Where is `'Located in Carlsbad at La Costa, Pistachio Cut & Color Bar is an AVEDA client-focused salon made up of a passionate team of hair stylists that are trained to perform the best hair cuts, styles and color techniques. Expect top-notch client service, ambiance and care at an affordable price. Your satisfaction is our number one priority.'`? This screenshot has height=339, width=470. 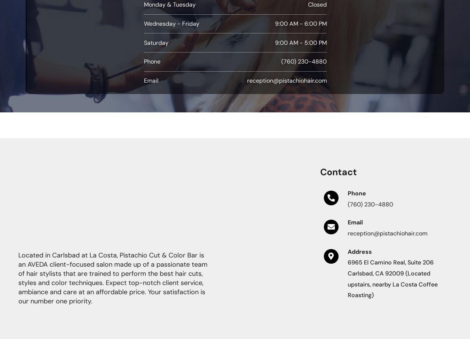 'Located in Carlsbad at La Costa, Pistachio Cut & Color Bar is an AVEDA client-focused salon made up of a passionate team of hair stylists that are trained to perform the best hair cuts, styles and color techniques. Expect top-notch client service, ambiance and care at an affordable price. Your satisfaction is our number one priority.' is located at coordinates (112, 277).